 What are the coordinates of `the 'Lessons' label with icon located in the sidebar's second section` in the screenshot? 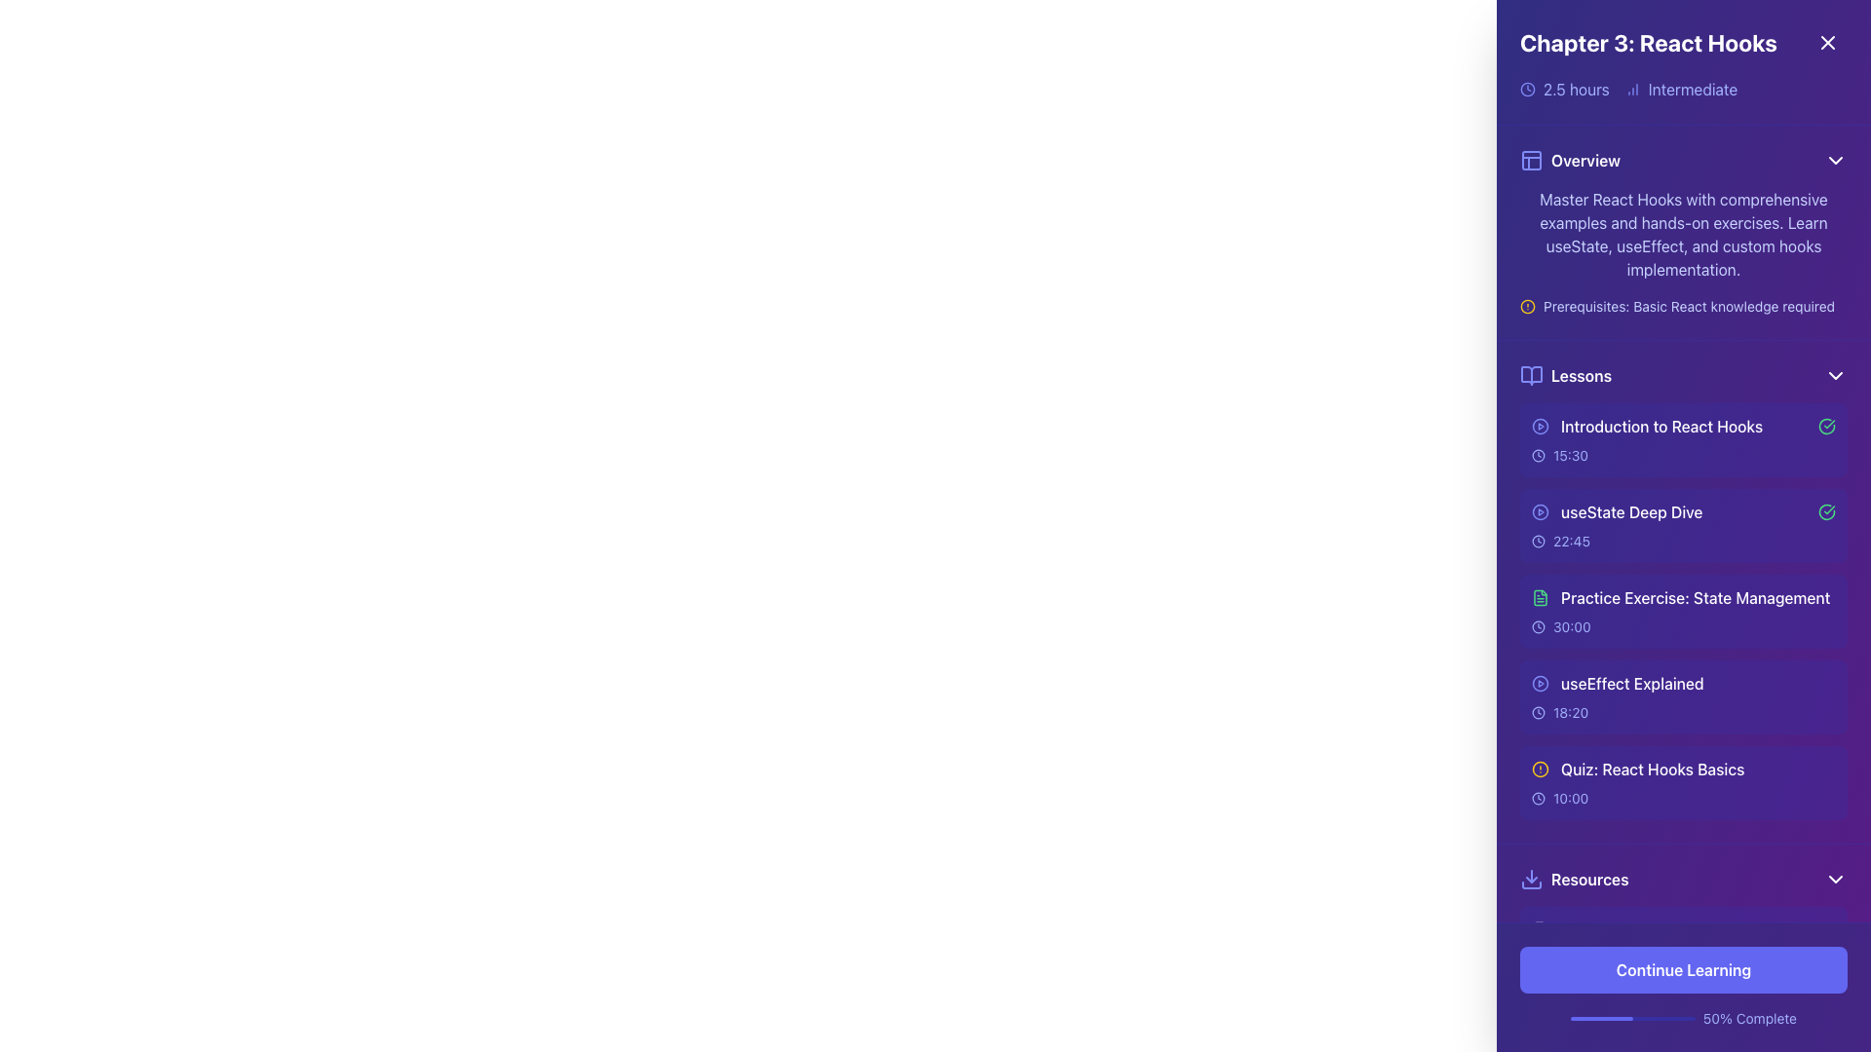 It's located at (1566, 375).